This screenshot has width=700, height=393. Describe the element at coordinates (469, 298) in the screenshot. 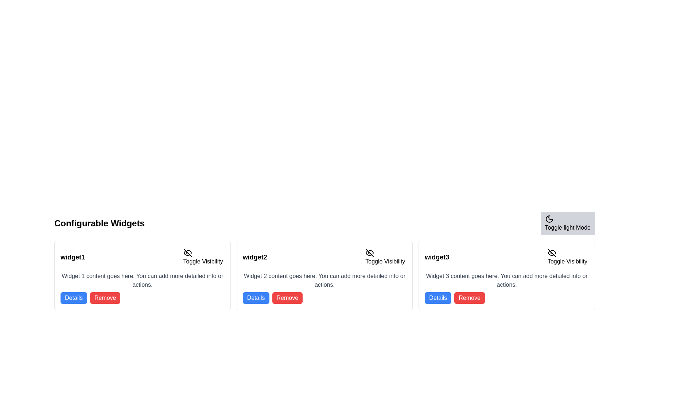

I see `the 'Remove' button with rounded corners and a red background` at that location.